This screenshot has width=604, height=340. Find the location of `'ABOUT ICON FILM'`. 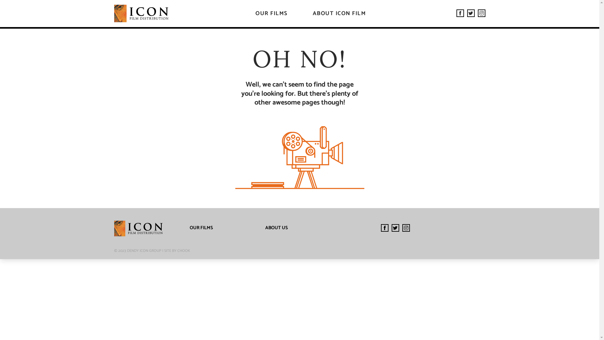

'ABOUT ICON FILM' is located at coordinates (339, 13).